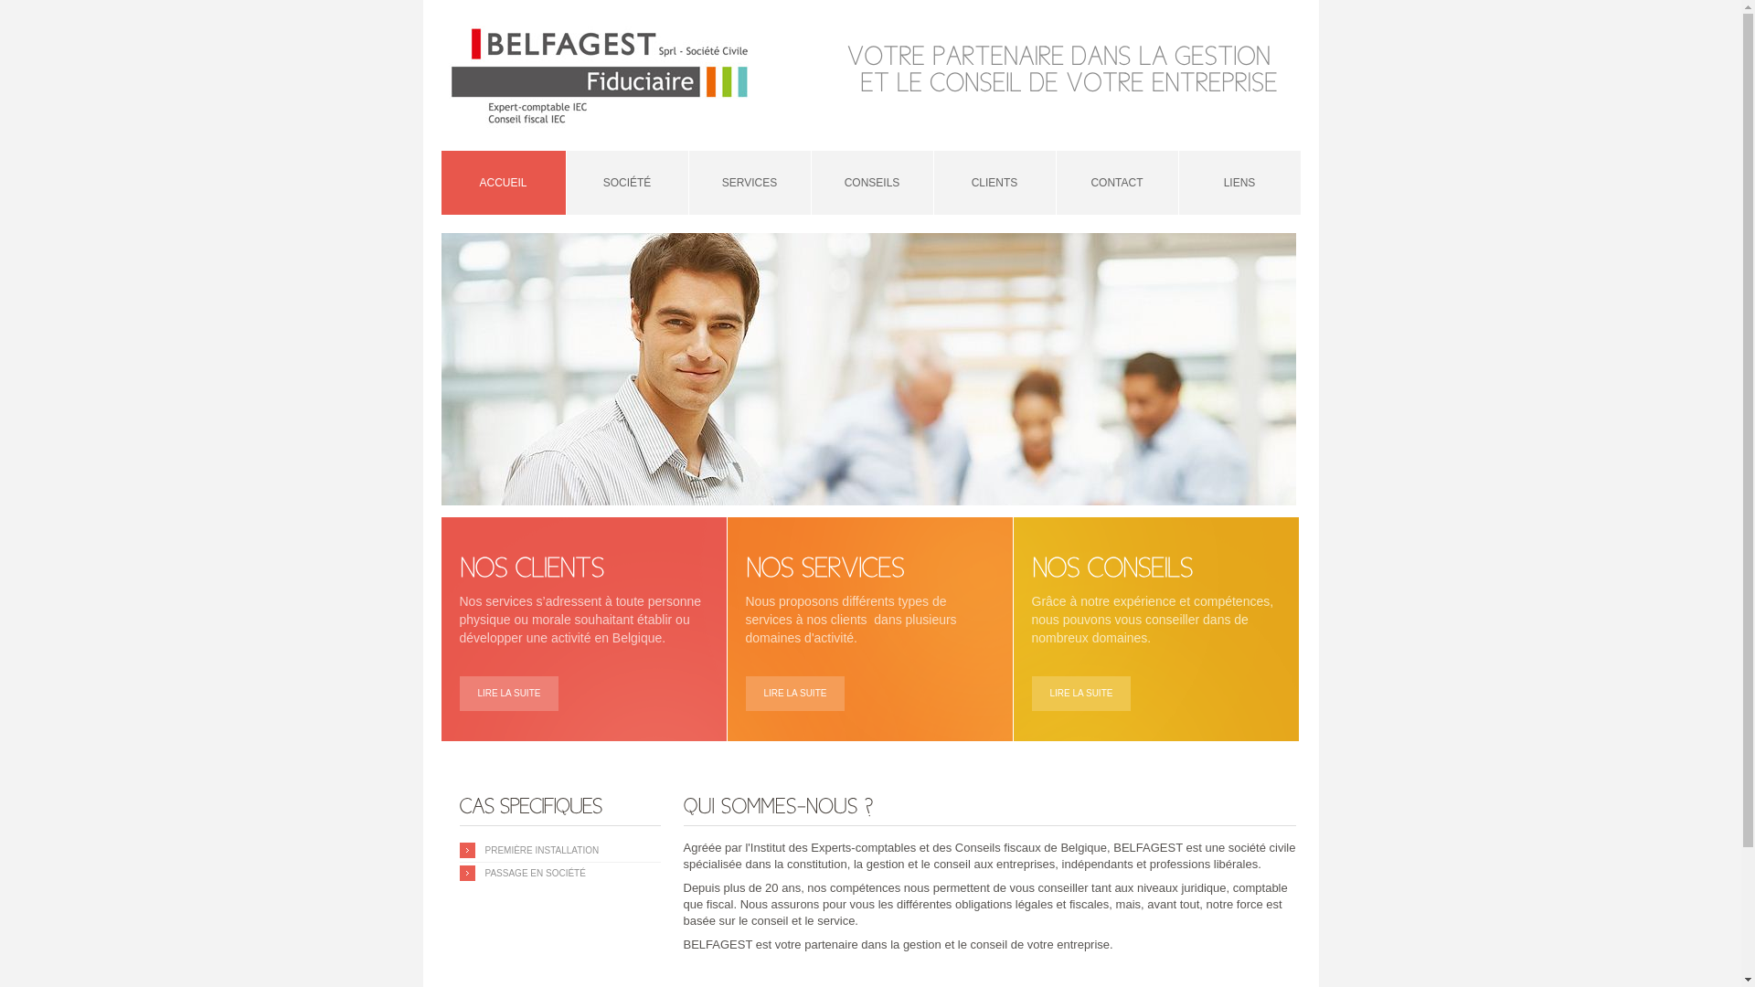  I want to click on 'Belfagest', so click(601, 74).